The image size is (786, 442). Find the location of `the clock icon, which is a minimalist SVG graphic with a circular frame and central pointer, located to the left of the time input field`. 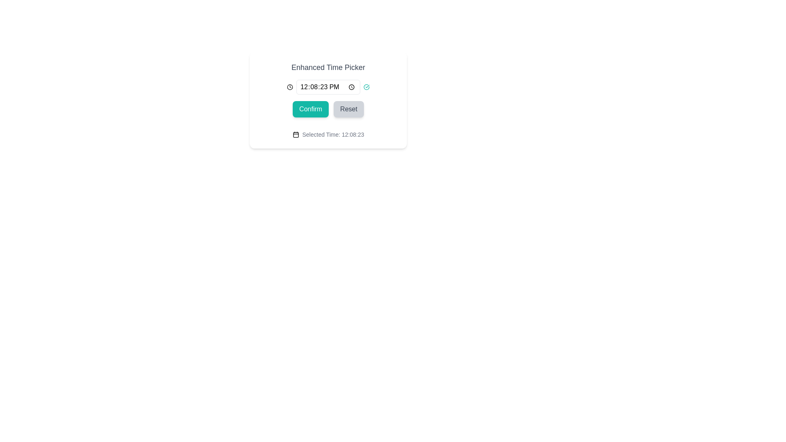

the clock icon, which is a minimalist SVG graphic with a circular frame and central pointer, located to the left of the time input field is located at coordinates (290, 87).